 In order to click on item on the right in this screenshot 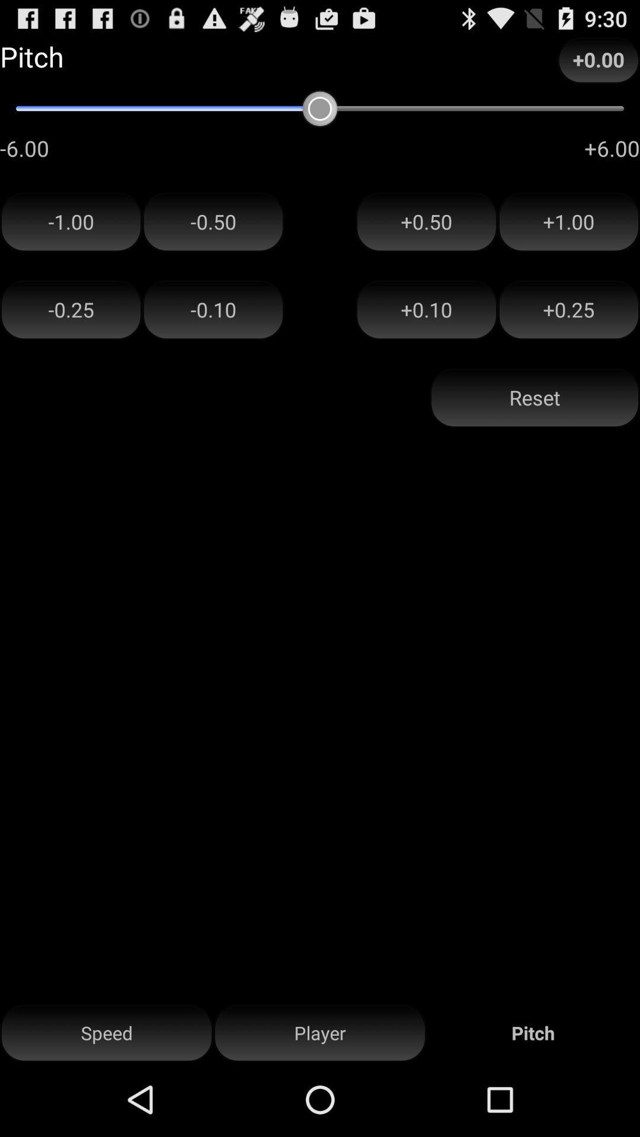, I will do `click(535, 398)`.